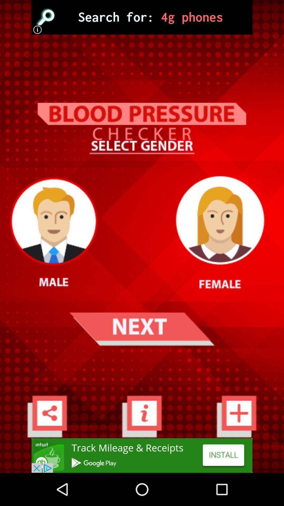  Describe the element at coordinates (142, 455) in the screenshot. I see `make advertisement` at that location.